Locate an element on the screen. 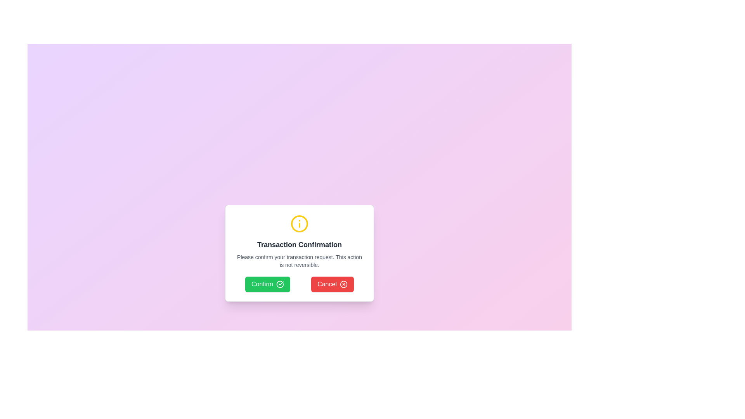  the checkmark icon located to the right of the 'Confirm' label within the 'Confirm' button in the bottom-left section of the modal dialog is located at coordinates (280, 284).